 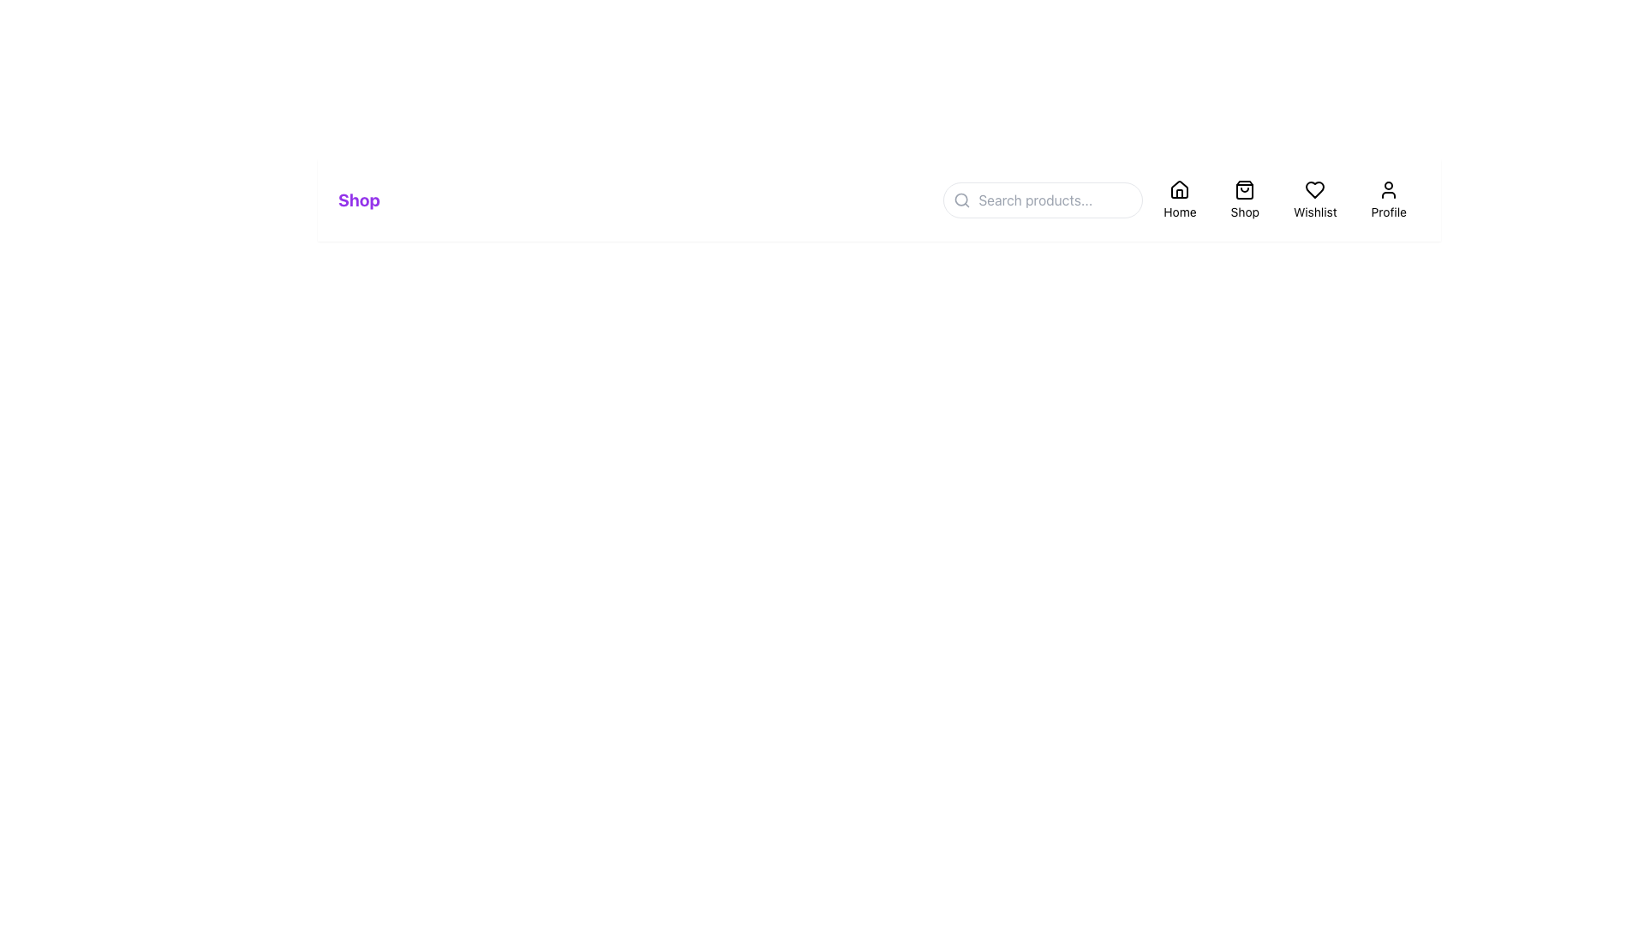 I want to click on the 'Home' navigation label located in the top-right area of the navigation bar, positioned below the house icon, so click(x=1179, y=211).